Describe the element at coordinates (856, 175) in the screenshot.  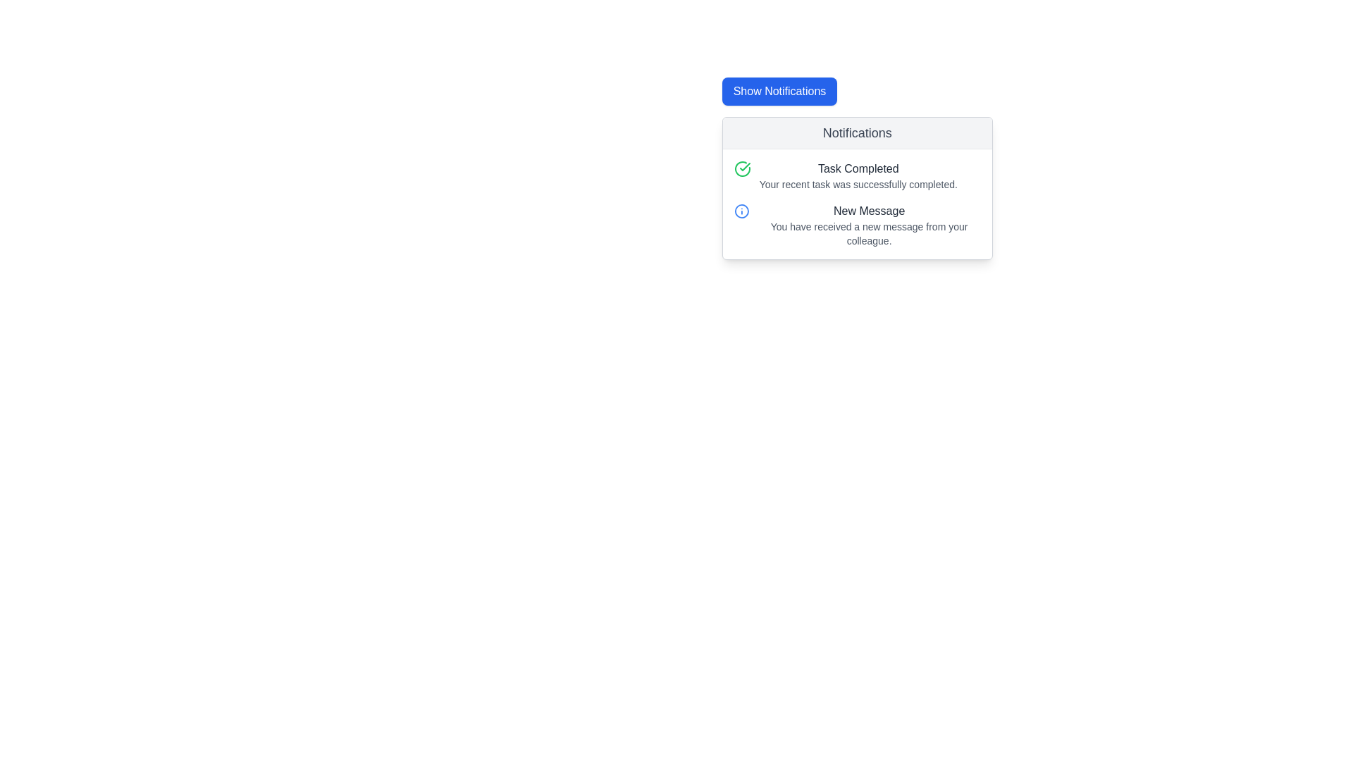
I see `the top notification item within the 'Notifications' card that confirms the successful completion of a recent task` at that location.